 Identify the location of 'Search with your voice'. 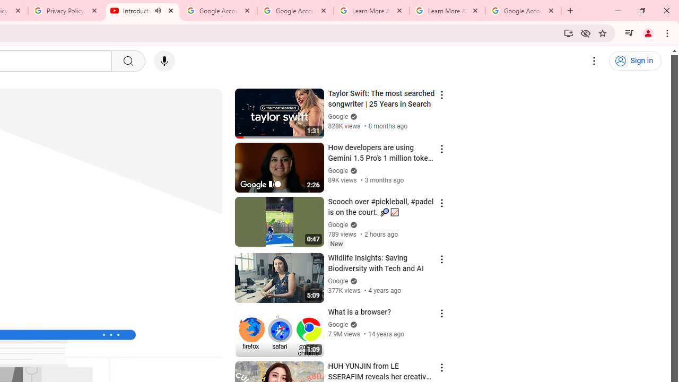
(163, 61).